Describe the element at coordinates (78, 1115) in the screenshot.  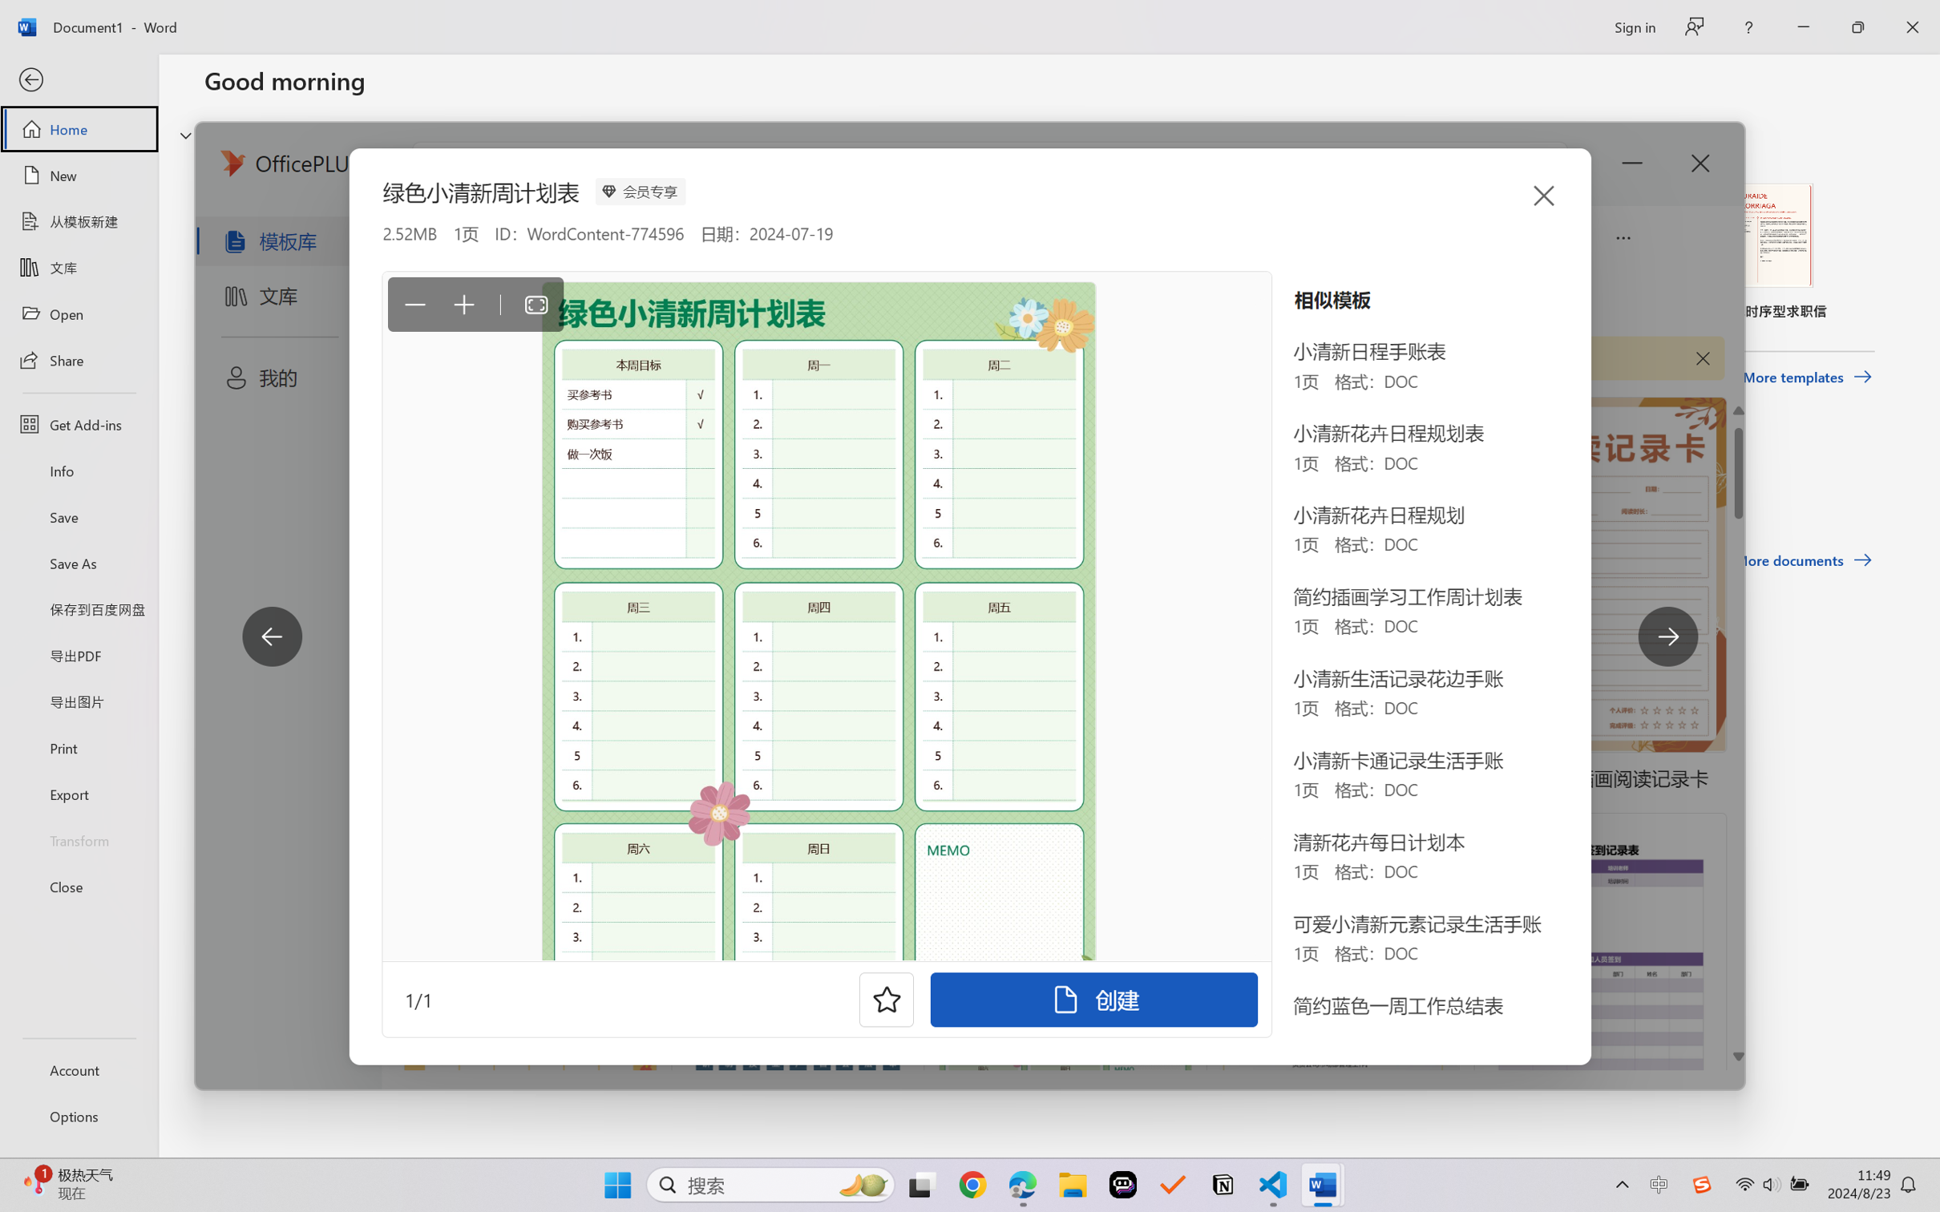
I see `'Options'` at that location.